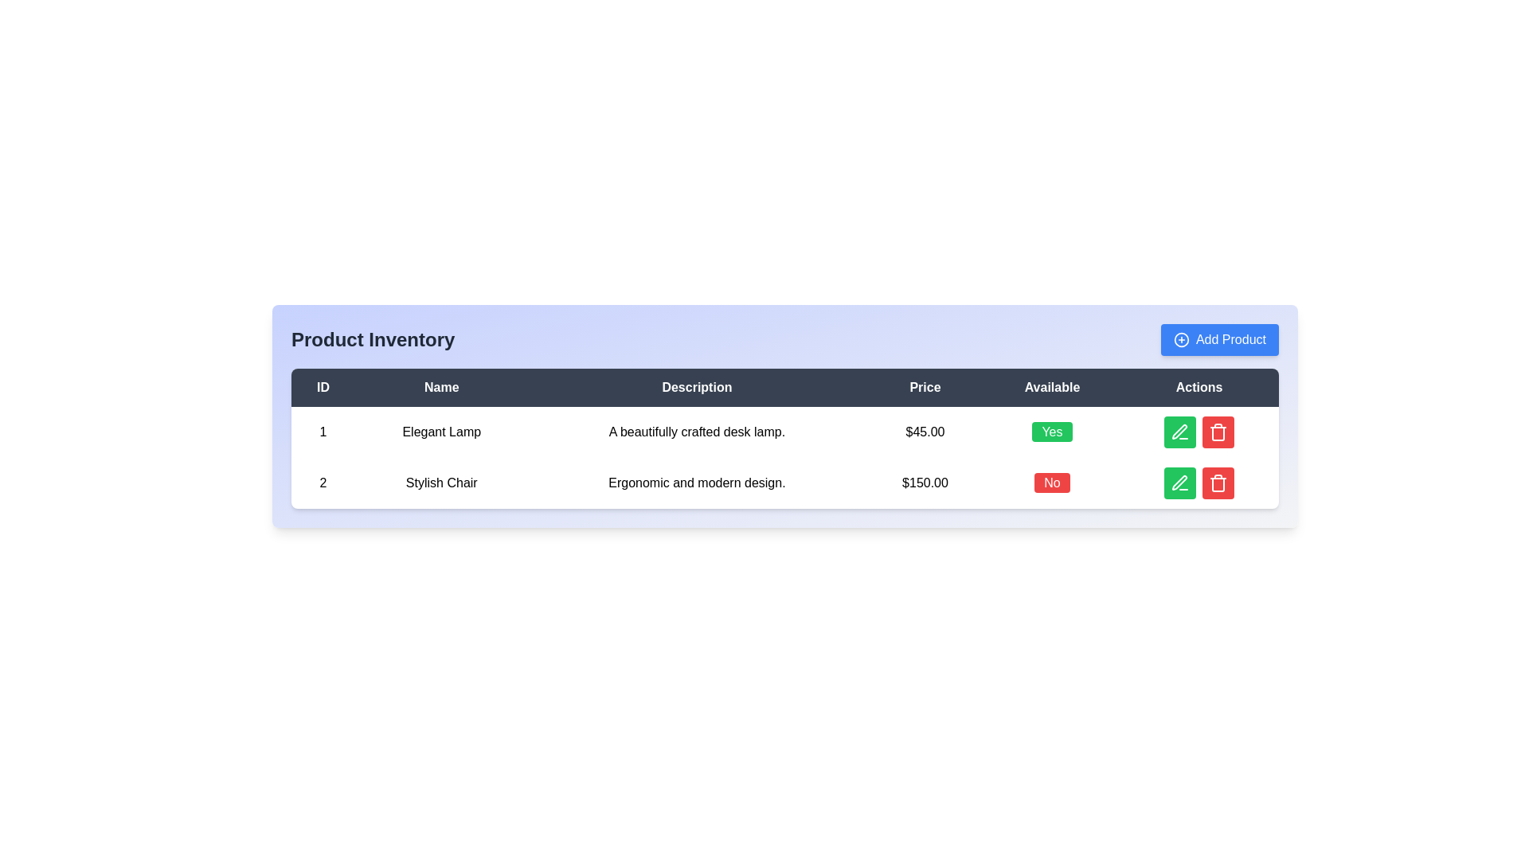  What do you see at coordinates (1218, 432) in the screenshot?
I see `the trashcan icon with a red background located in the 'Actions' column of the data table` at bounding box center [1218, 432].